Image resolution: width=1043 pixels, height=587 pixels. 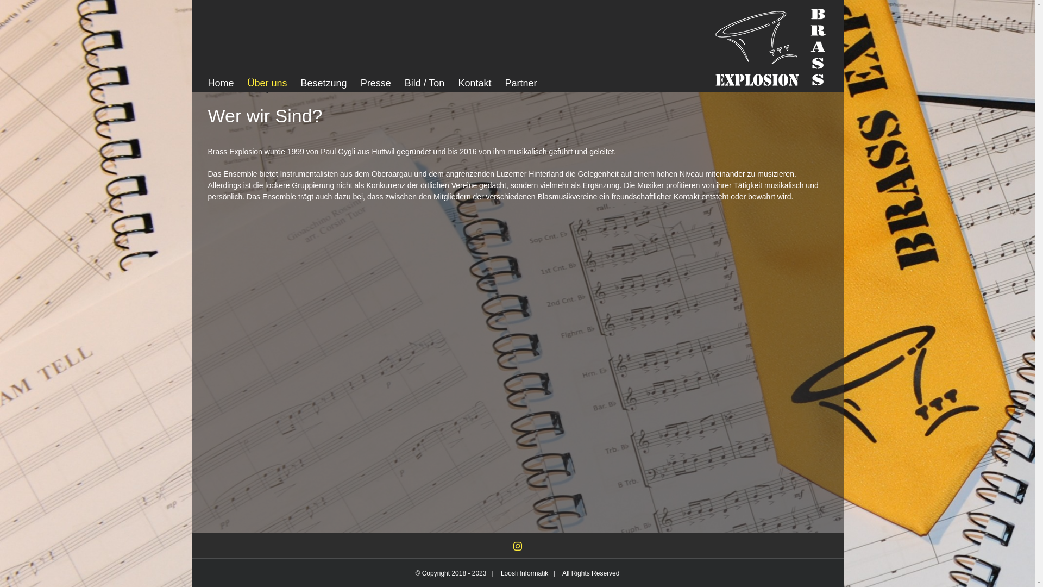 What do you see at coordinates (323, 83) in the screenshot?
I see `'Besetzung'` at bounding box center [323, 83].